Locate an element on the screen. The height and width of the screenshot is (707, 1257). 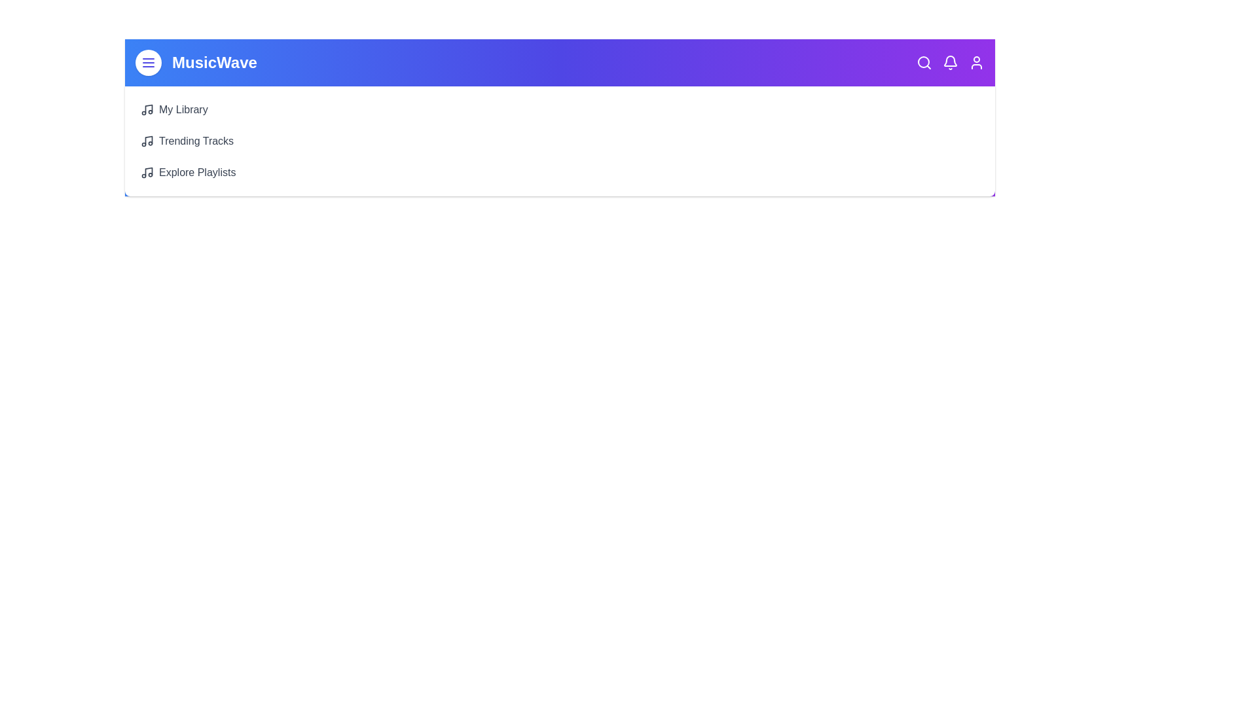
the notification bell icon to check notifications is located at coordinates (950, 63).